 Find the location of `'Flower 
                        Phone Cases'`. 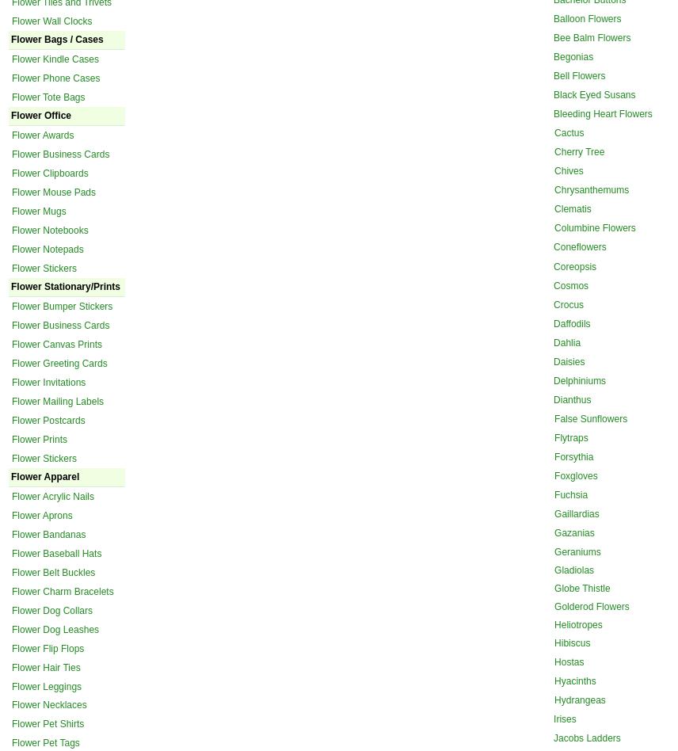

'Flower 
                        Phone Cases' is located at coordinates (55, 78).